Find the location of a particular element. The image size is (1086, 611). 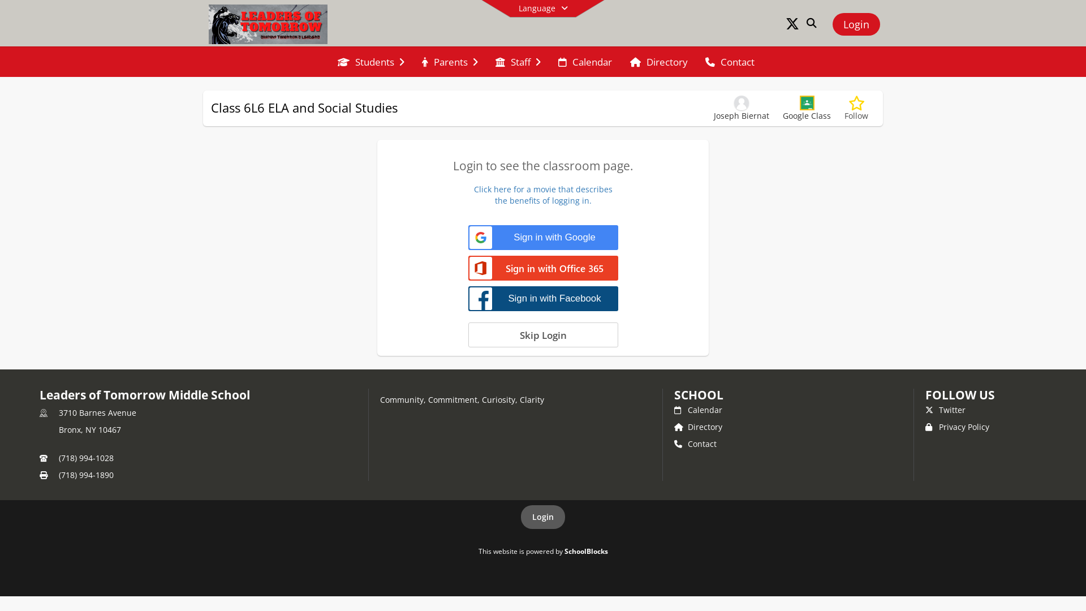

'Joseph Biernat' is located at coordinates (741, 102).